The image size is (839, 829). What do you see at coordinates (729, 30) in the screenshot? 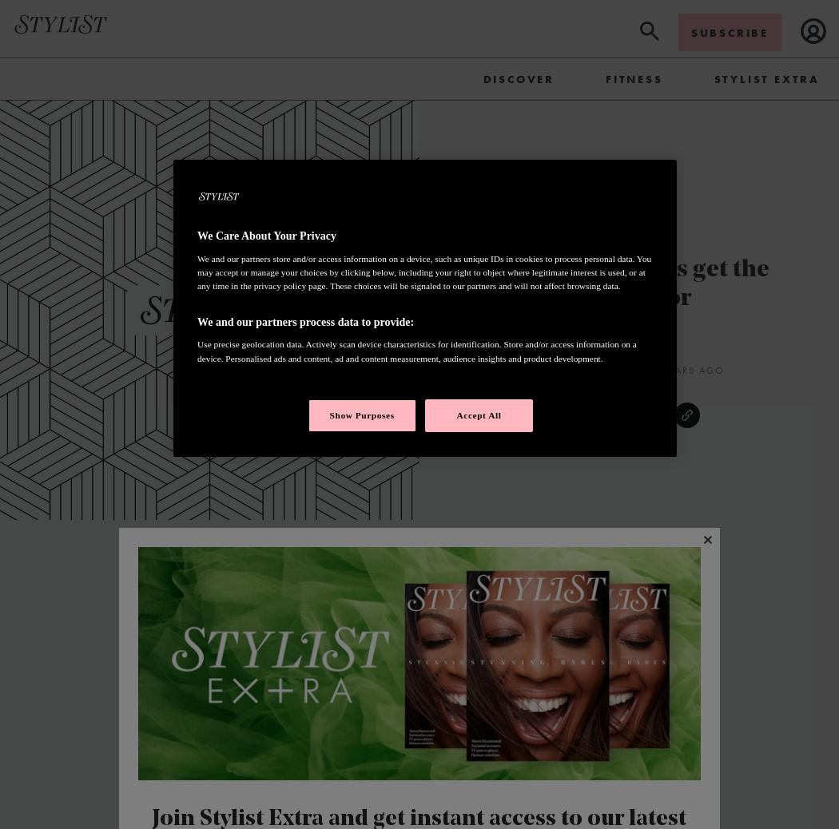
I see `'Subscribe'` at bounding box center [729, 30].